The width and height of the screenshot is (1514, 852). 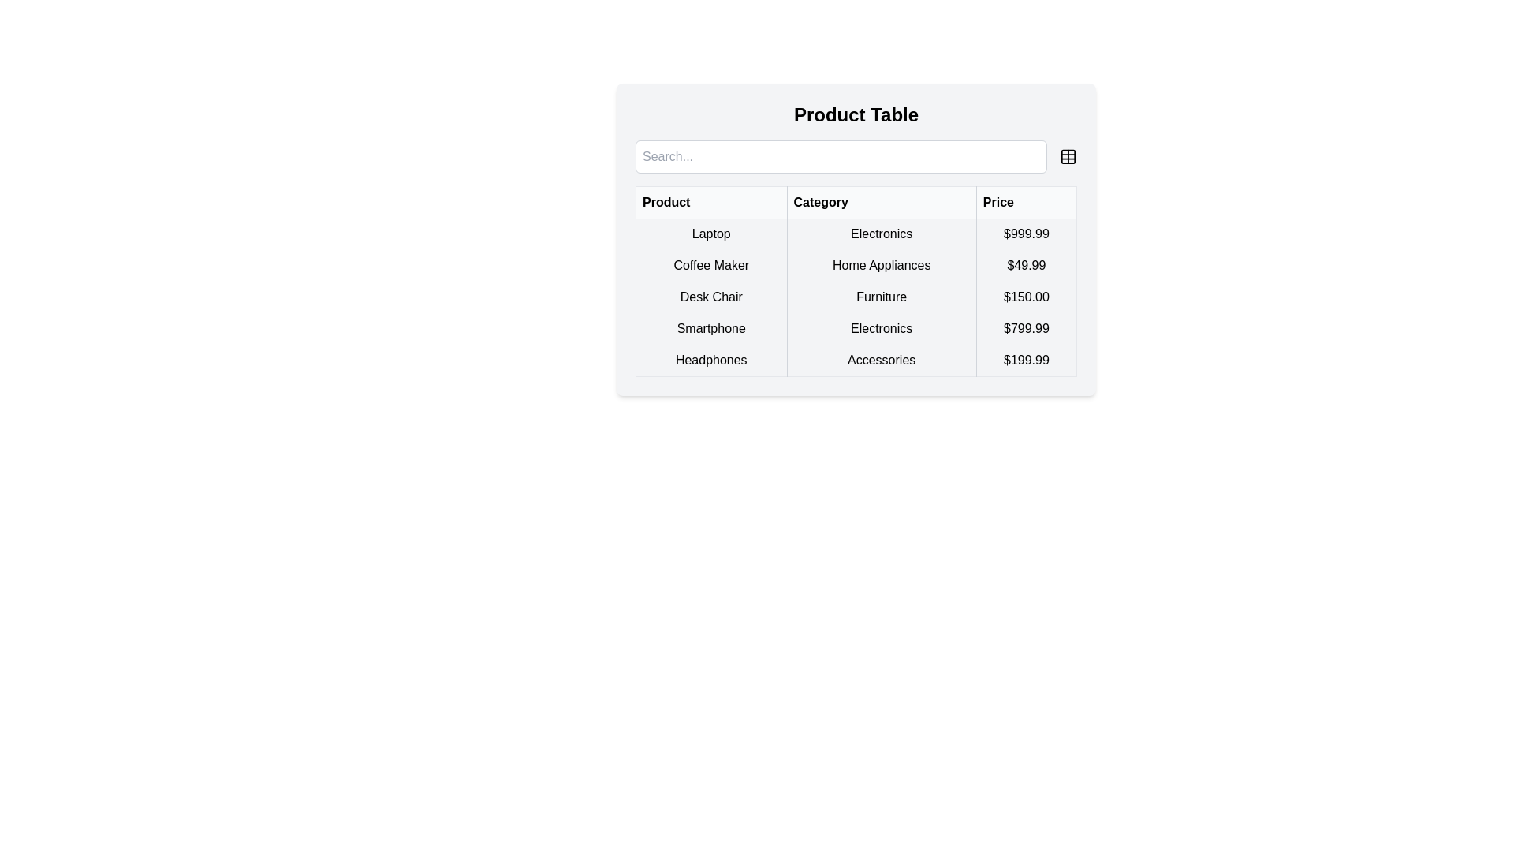 What do you see at coordinates (881, 327) in the screenshot?
I see `the static text displaying the category of the product in the second column of the row labeled 'Smartphone' in the data table` at bounding box center [881, 327].